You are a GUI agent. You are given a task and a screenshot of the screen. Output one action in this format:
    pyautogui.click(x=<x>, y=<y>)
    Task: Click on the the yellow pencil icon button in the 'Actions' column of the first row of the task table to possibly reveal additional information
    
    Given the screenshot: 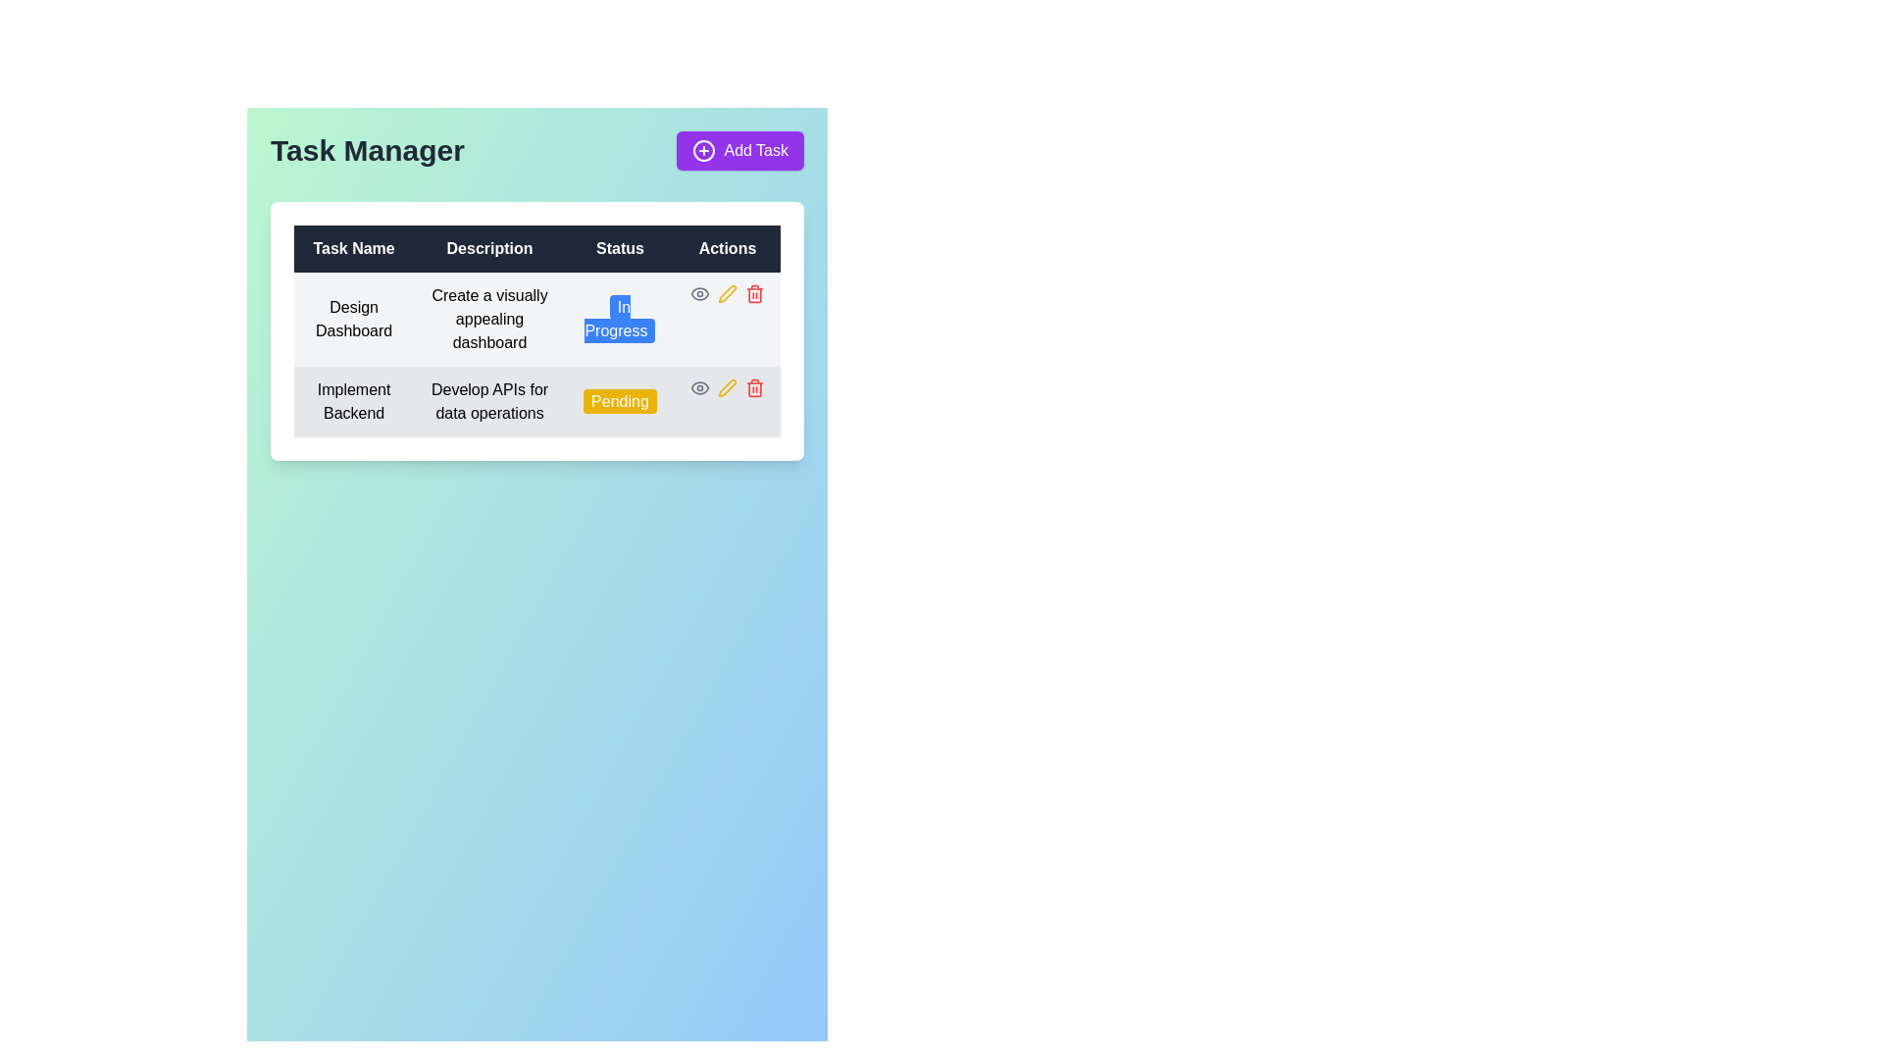 What is the action you would take?
    pyautogui.click(x=726, y=294)
    